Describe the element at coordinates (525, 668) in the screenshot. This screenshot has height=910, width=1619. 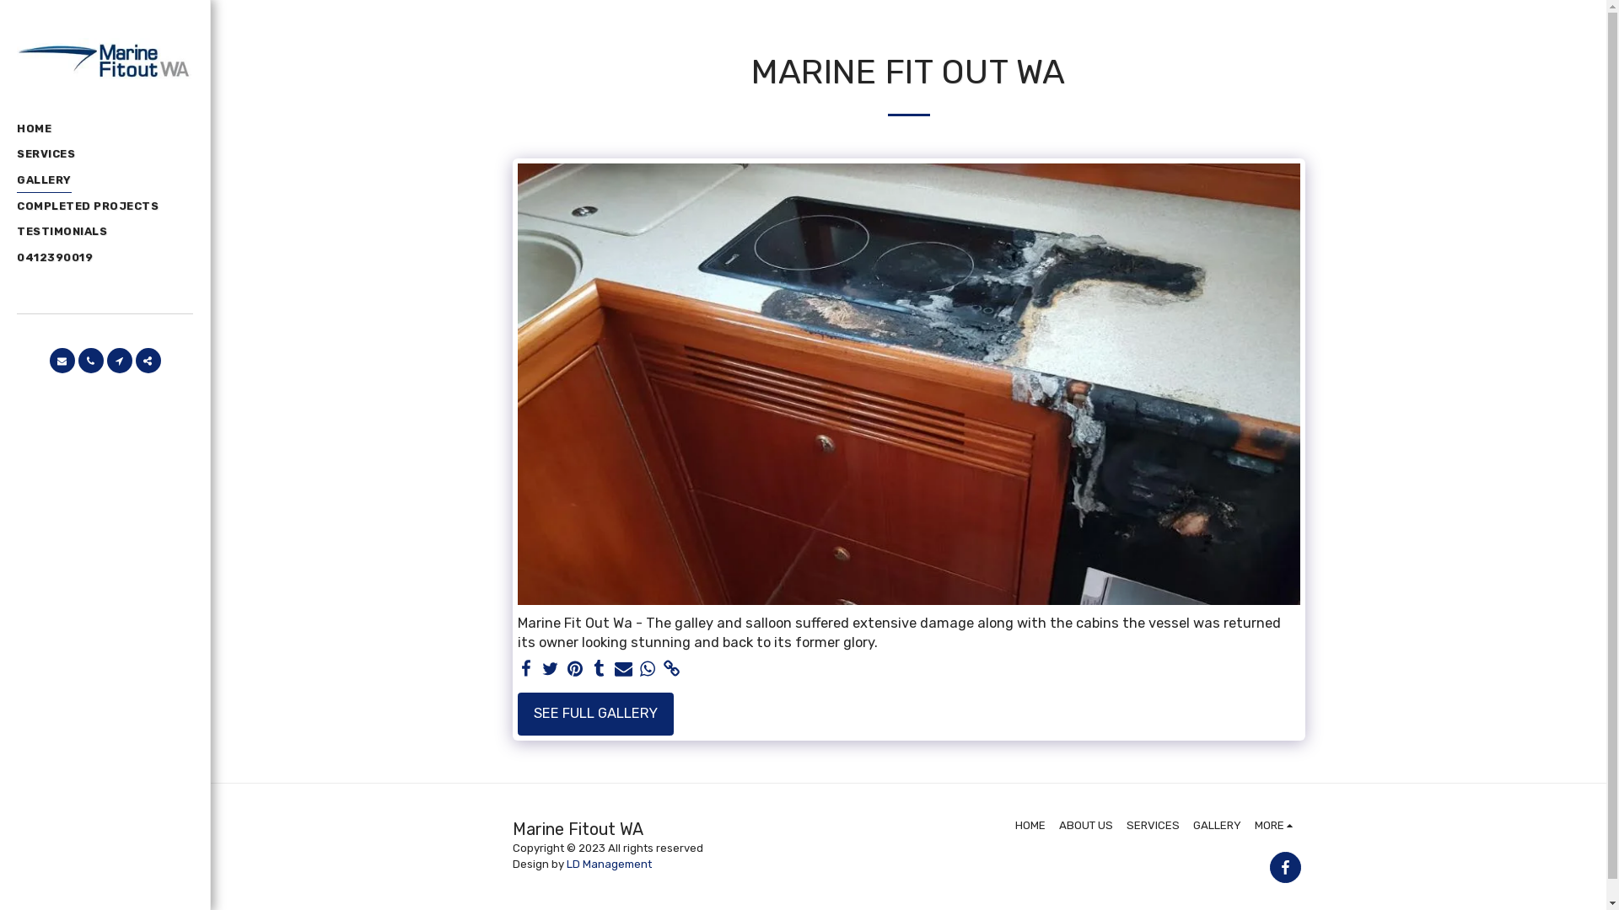
I see `'Share on Facebook'` at that location.